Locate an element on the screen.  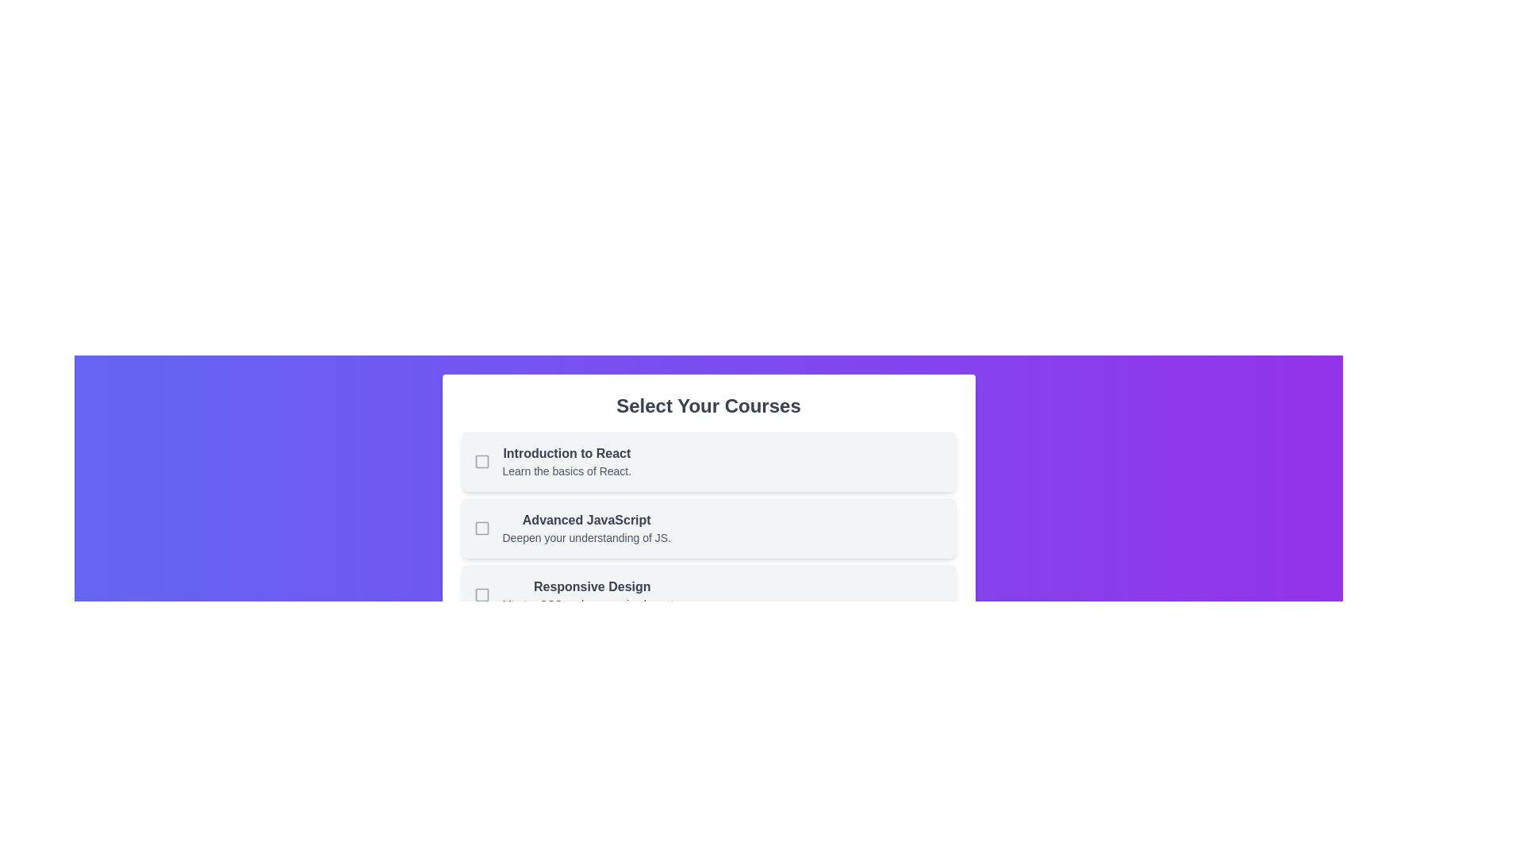
the checkbox corresponding to the course titled 'Introduction to React' is located at coordinates (481, 462).